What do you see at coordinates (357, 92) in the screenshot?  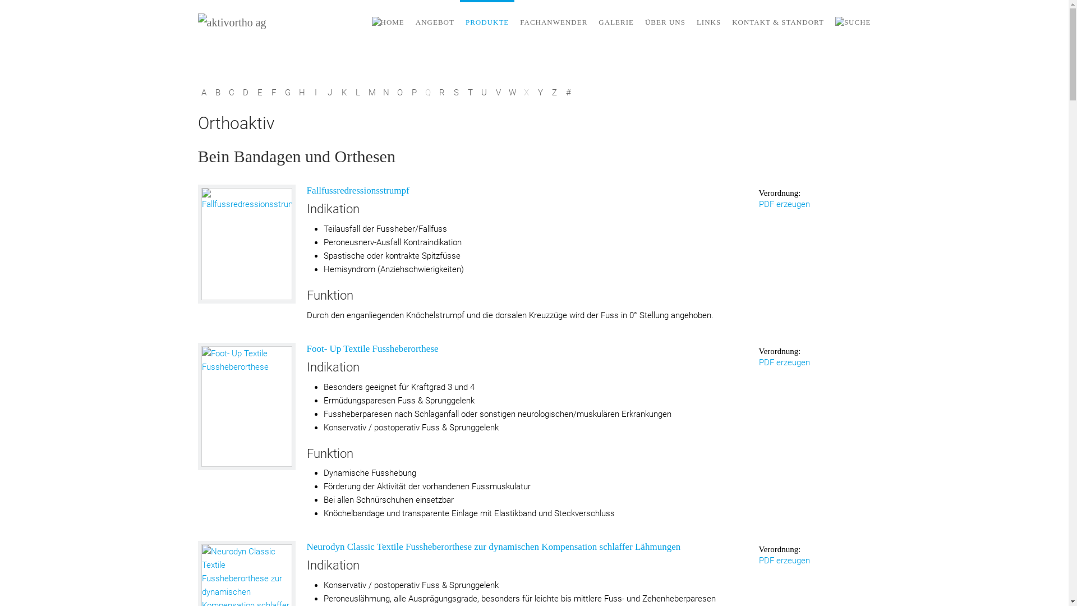 I see `'L'` at bounding box center [357, 92].